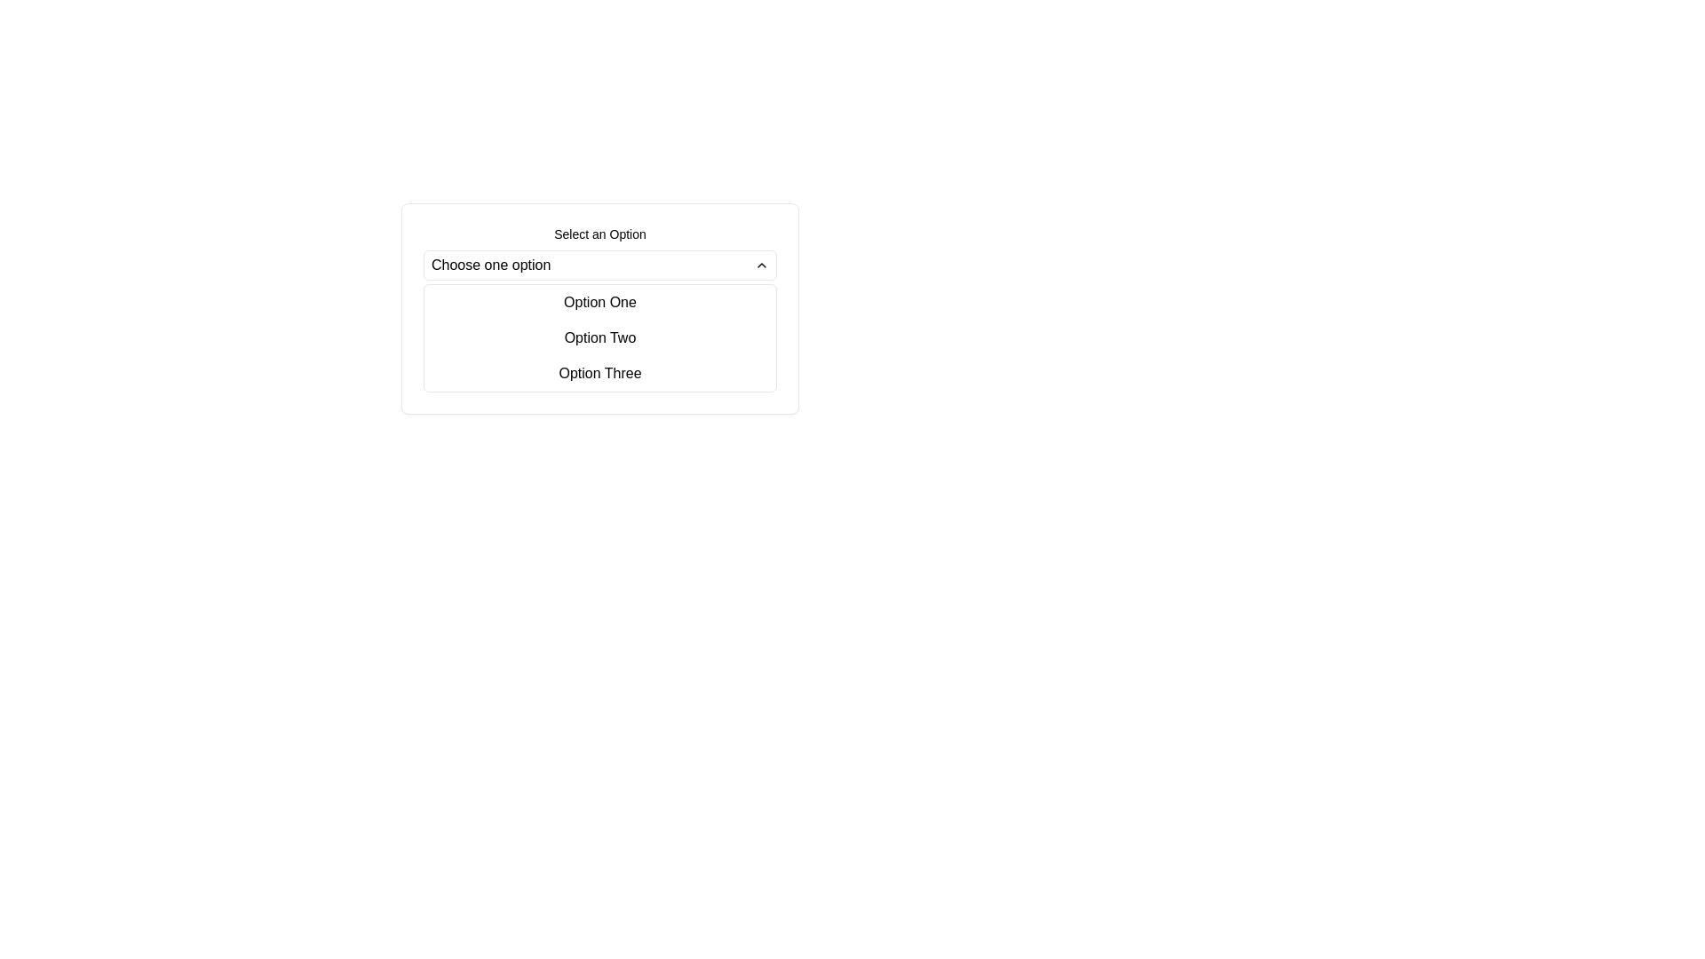  What do you see at coordinates (600, 233) in the screenshot?
I see `the label reading 'Select an Option' which is positioned above the 'Choose one option' dropdown menu` at bounding box center [600, 233].